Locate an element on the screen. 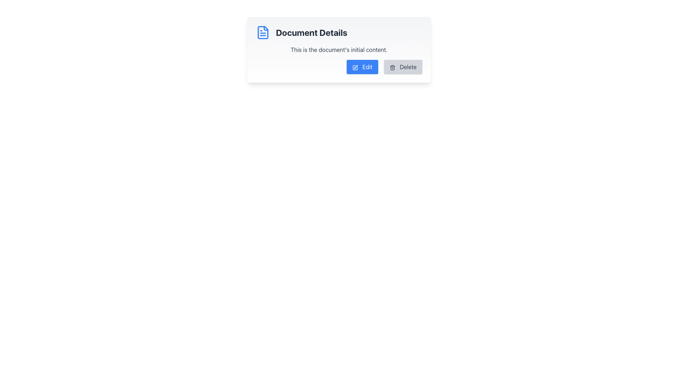 The width and height of the screenshot is (689, 387). the 'Delete' button located at the bottom right section of the 'Document Details' card, which features a gray background and a trash can icon is located at coordinates (403, 67).